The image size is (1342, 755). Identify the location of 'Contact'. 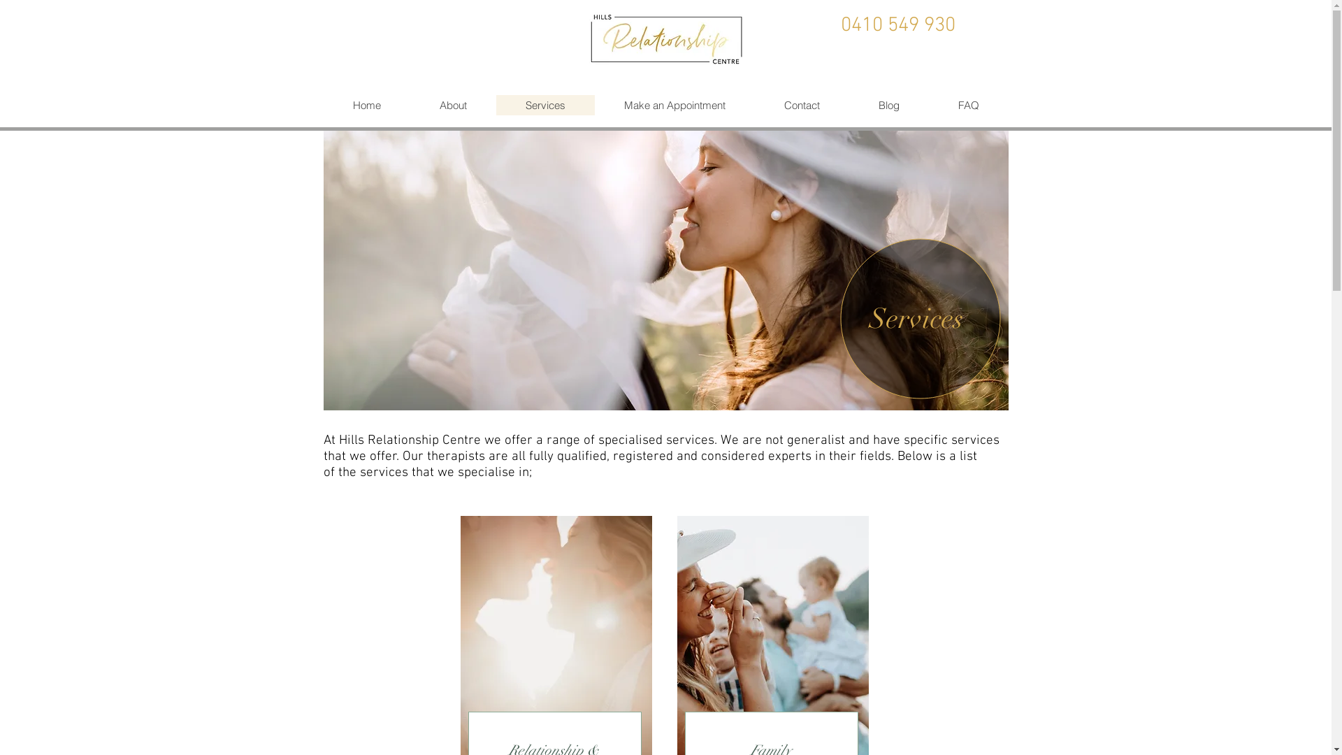
(802, 104).